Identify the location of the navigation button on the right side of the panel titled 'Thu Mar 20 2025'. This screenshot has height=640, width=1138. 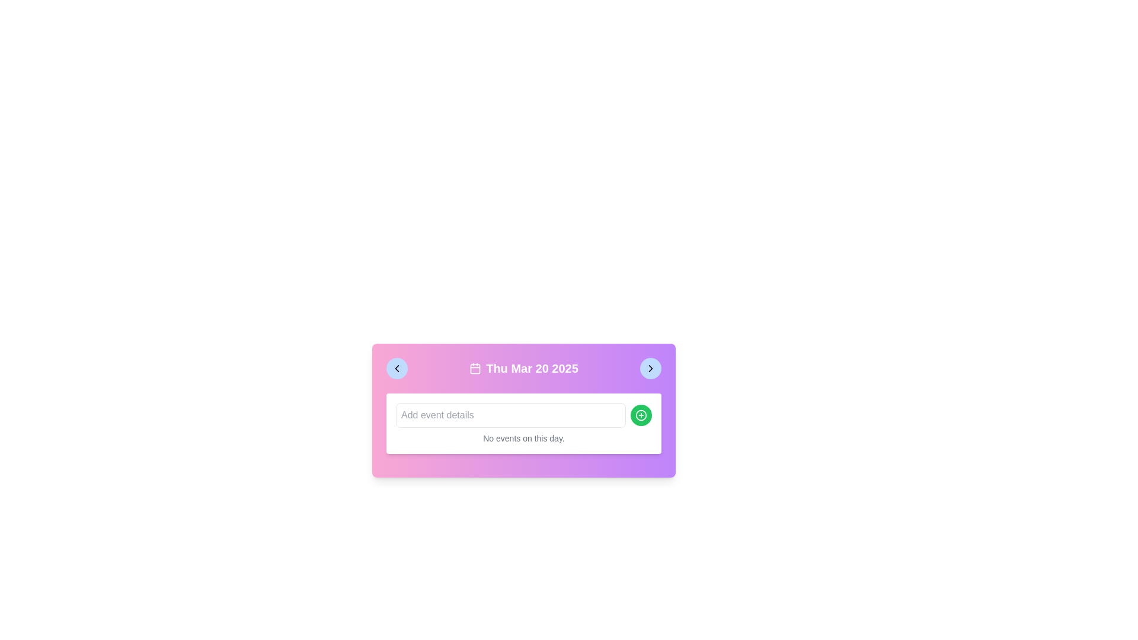
(650, 367).